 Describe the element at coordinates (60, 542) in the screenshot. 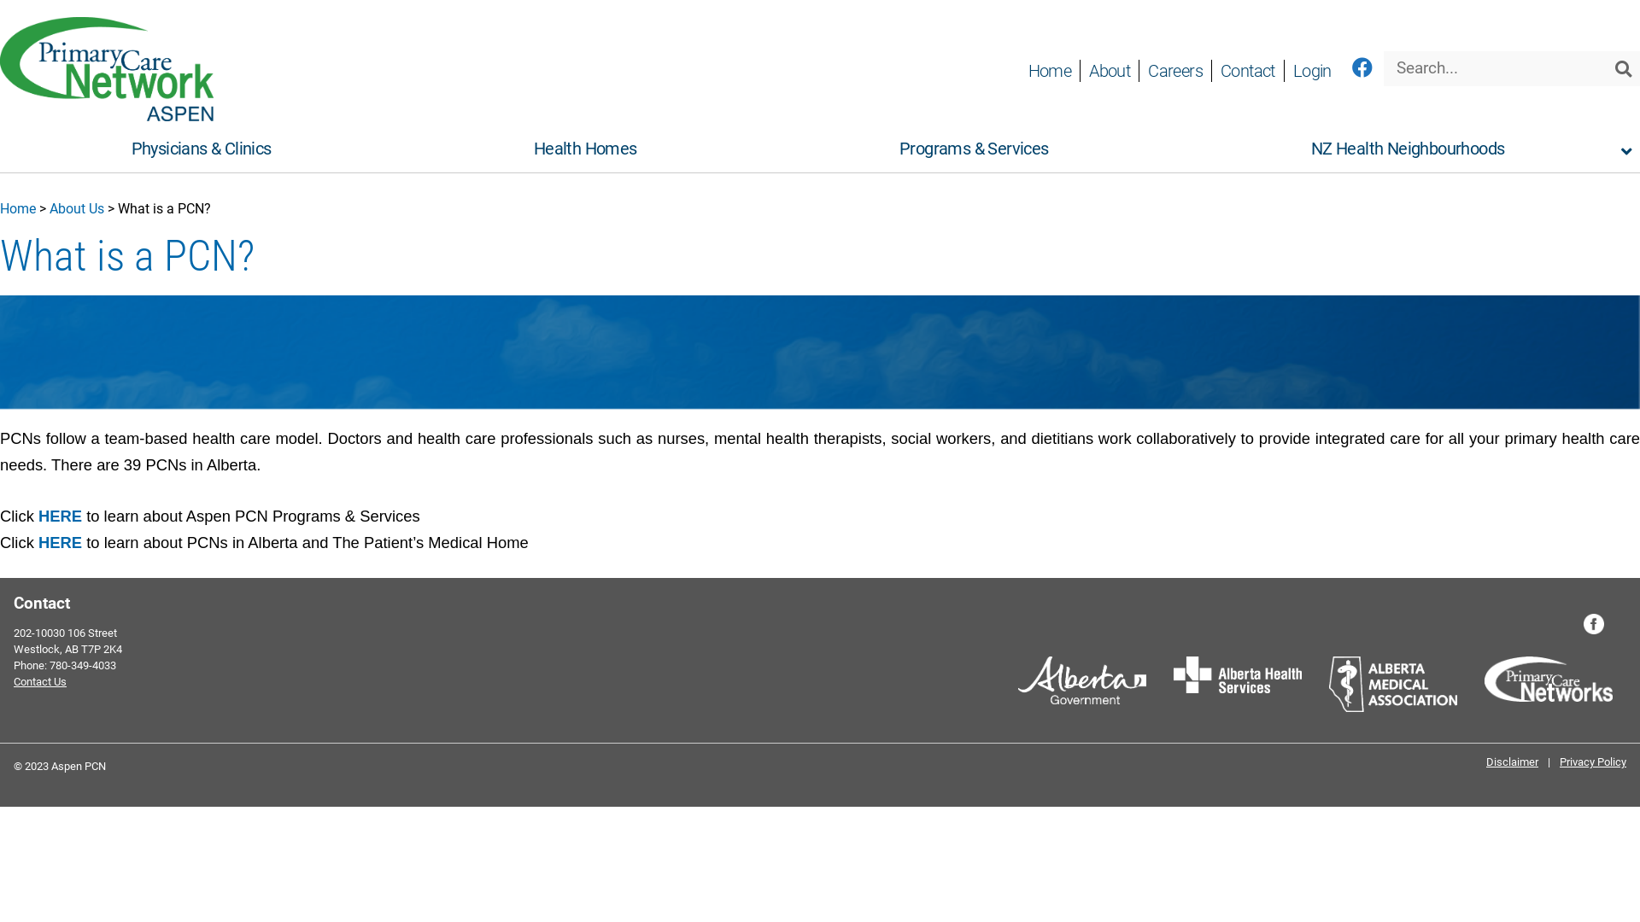

I see `'HERE'` at that location.